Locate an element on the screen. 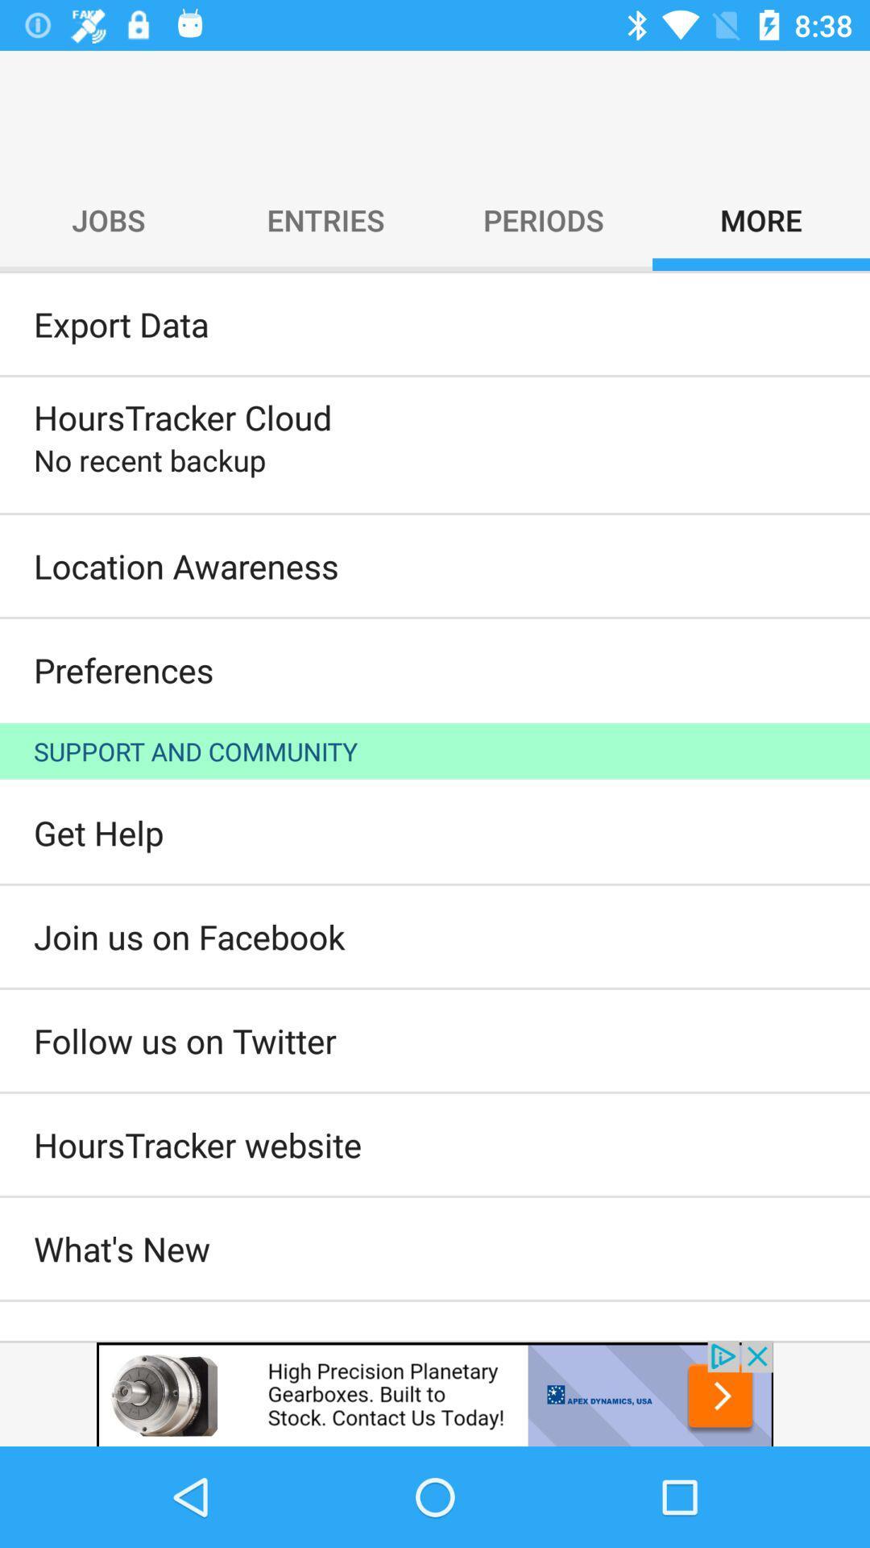 Image resolution: width=870 pixels, height=1548 pixels. click advertisement is located at coordinates (435, 1392).